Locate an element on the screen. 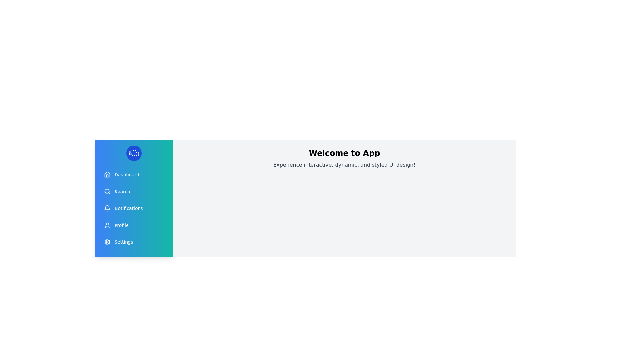  the menu item Dashboard from the drawer is located at coordinates (133, 174).